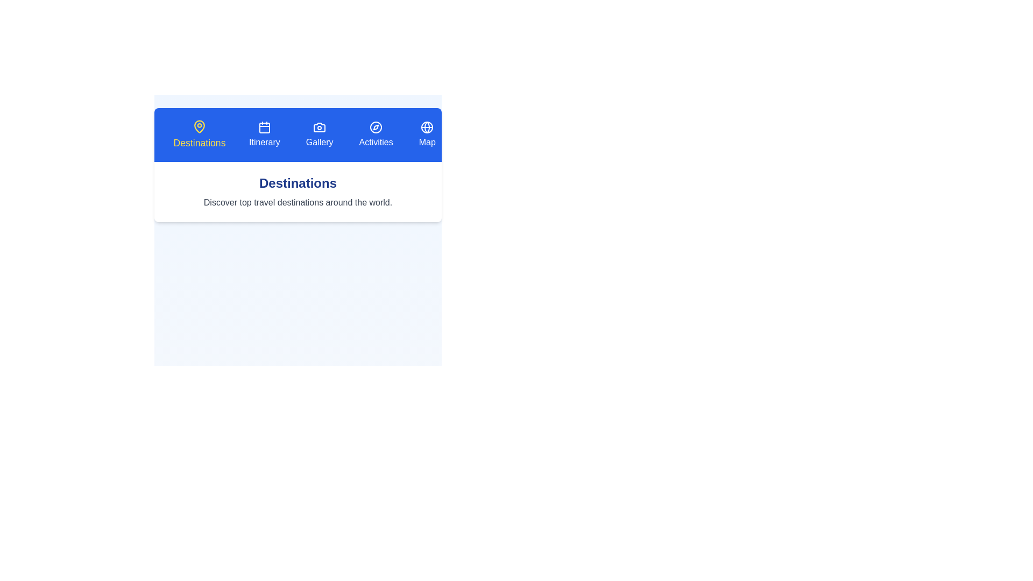 Image resolution: width=1033 pixels, height=581 pixels. What do you see at coordinates (298, 182) in the screenshot?
I see `the static text header indicating travel destinations, which is located beneath the blue navigation bar and above the descriptive text` at bounding box center [298, 182].